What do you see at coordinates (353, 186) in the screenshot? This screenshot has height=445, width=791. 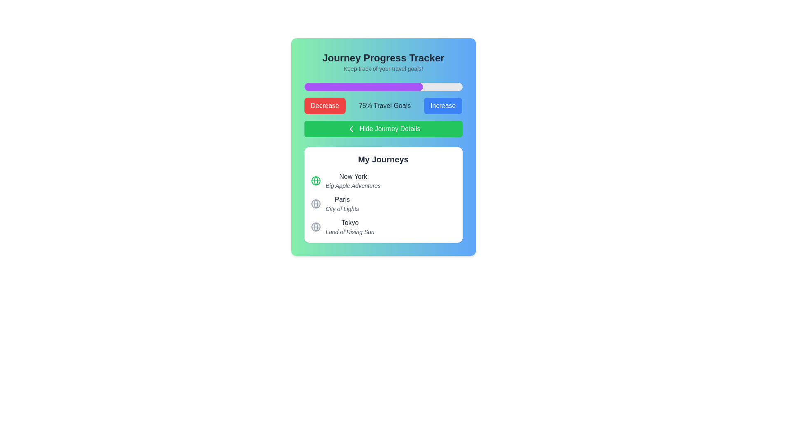 I see `the static text element containing the italicized text 'Big Apple Adventures', which is located under the bold text 'New York' in the 'My Journeys' section` at bounding box center [353, 186].